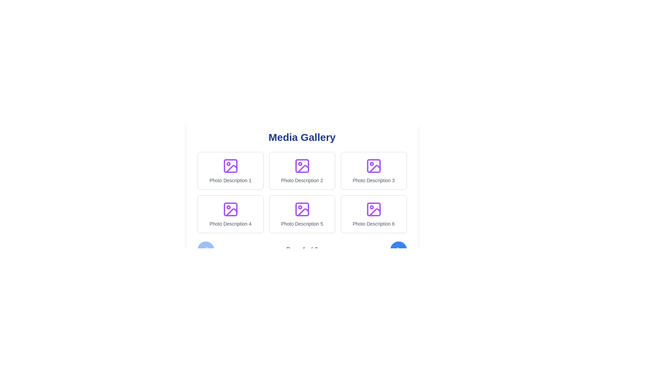 This screenshot has width=661, height=372. Describe the element at coordinates (230, 166) in the screenshot. I see `the media icon in the first tile of the Media Gallery, which features a purple square outline with rounded corners and a mountain graphic, labeled 'Photo Description 1'` at that location.